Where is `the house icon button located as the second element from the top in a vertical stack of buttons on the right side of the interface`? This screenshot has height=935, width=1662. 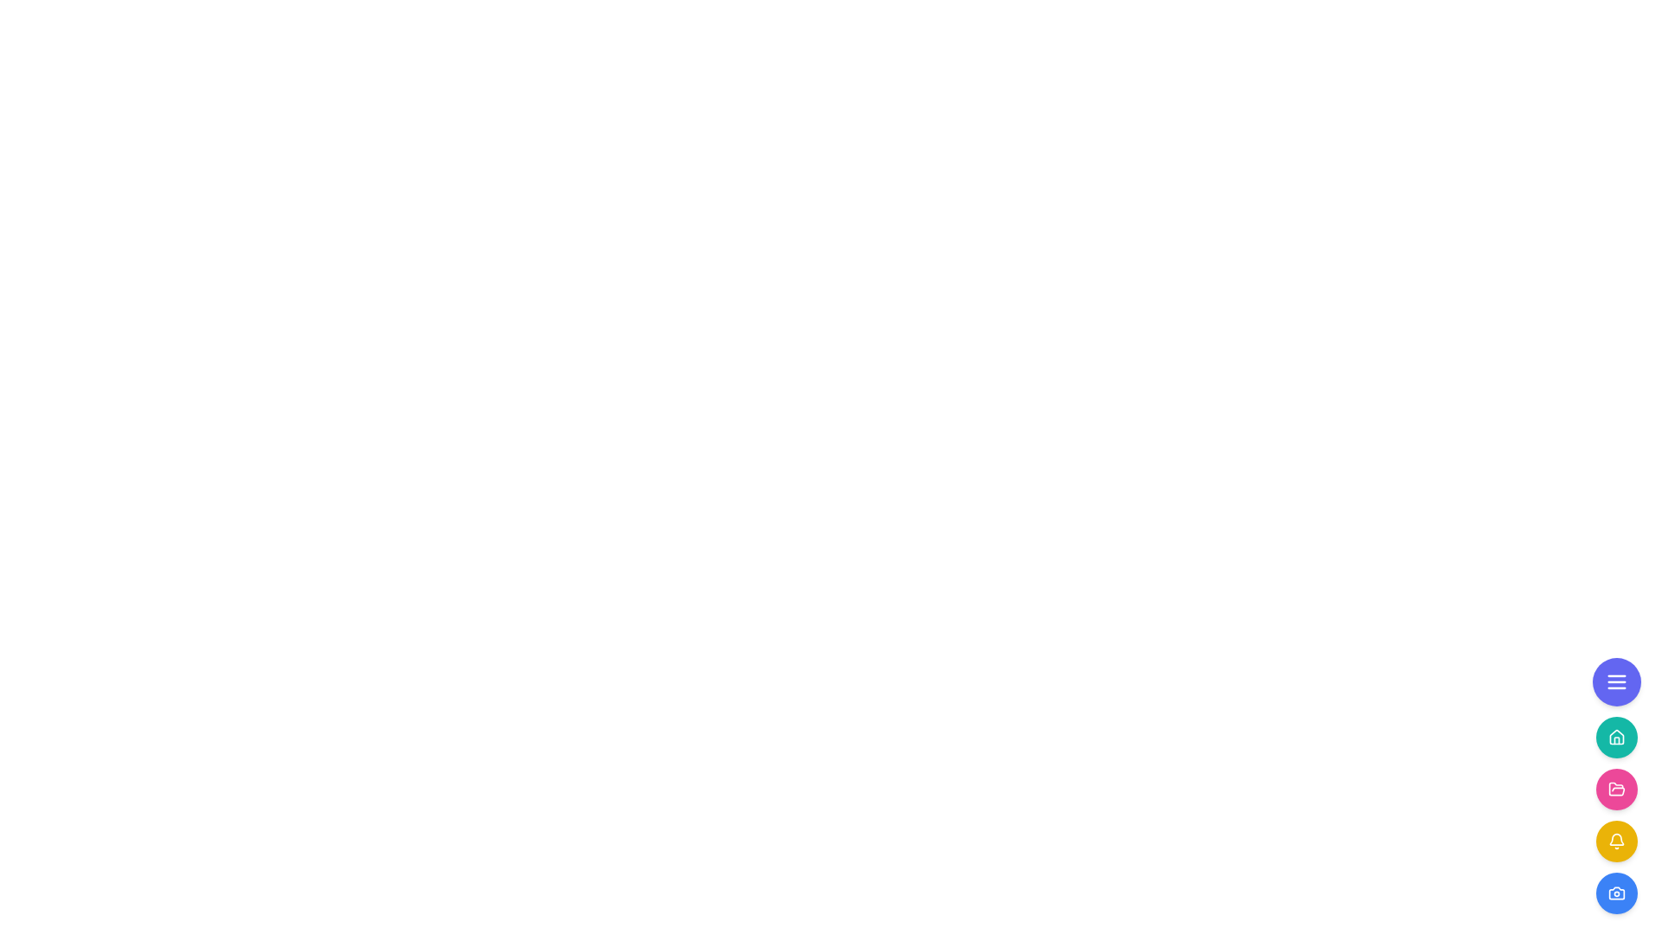
the house icon button located as the second element from the top in a vertical stack of buttons on the right side of the interface is located at coordinates (1615, 738).